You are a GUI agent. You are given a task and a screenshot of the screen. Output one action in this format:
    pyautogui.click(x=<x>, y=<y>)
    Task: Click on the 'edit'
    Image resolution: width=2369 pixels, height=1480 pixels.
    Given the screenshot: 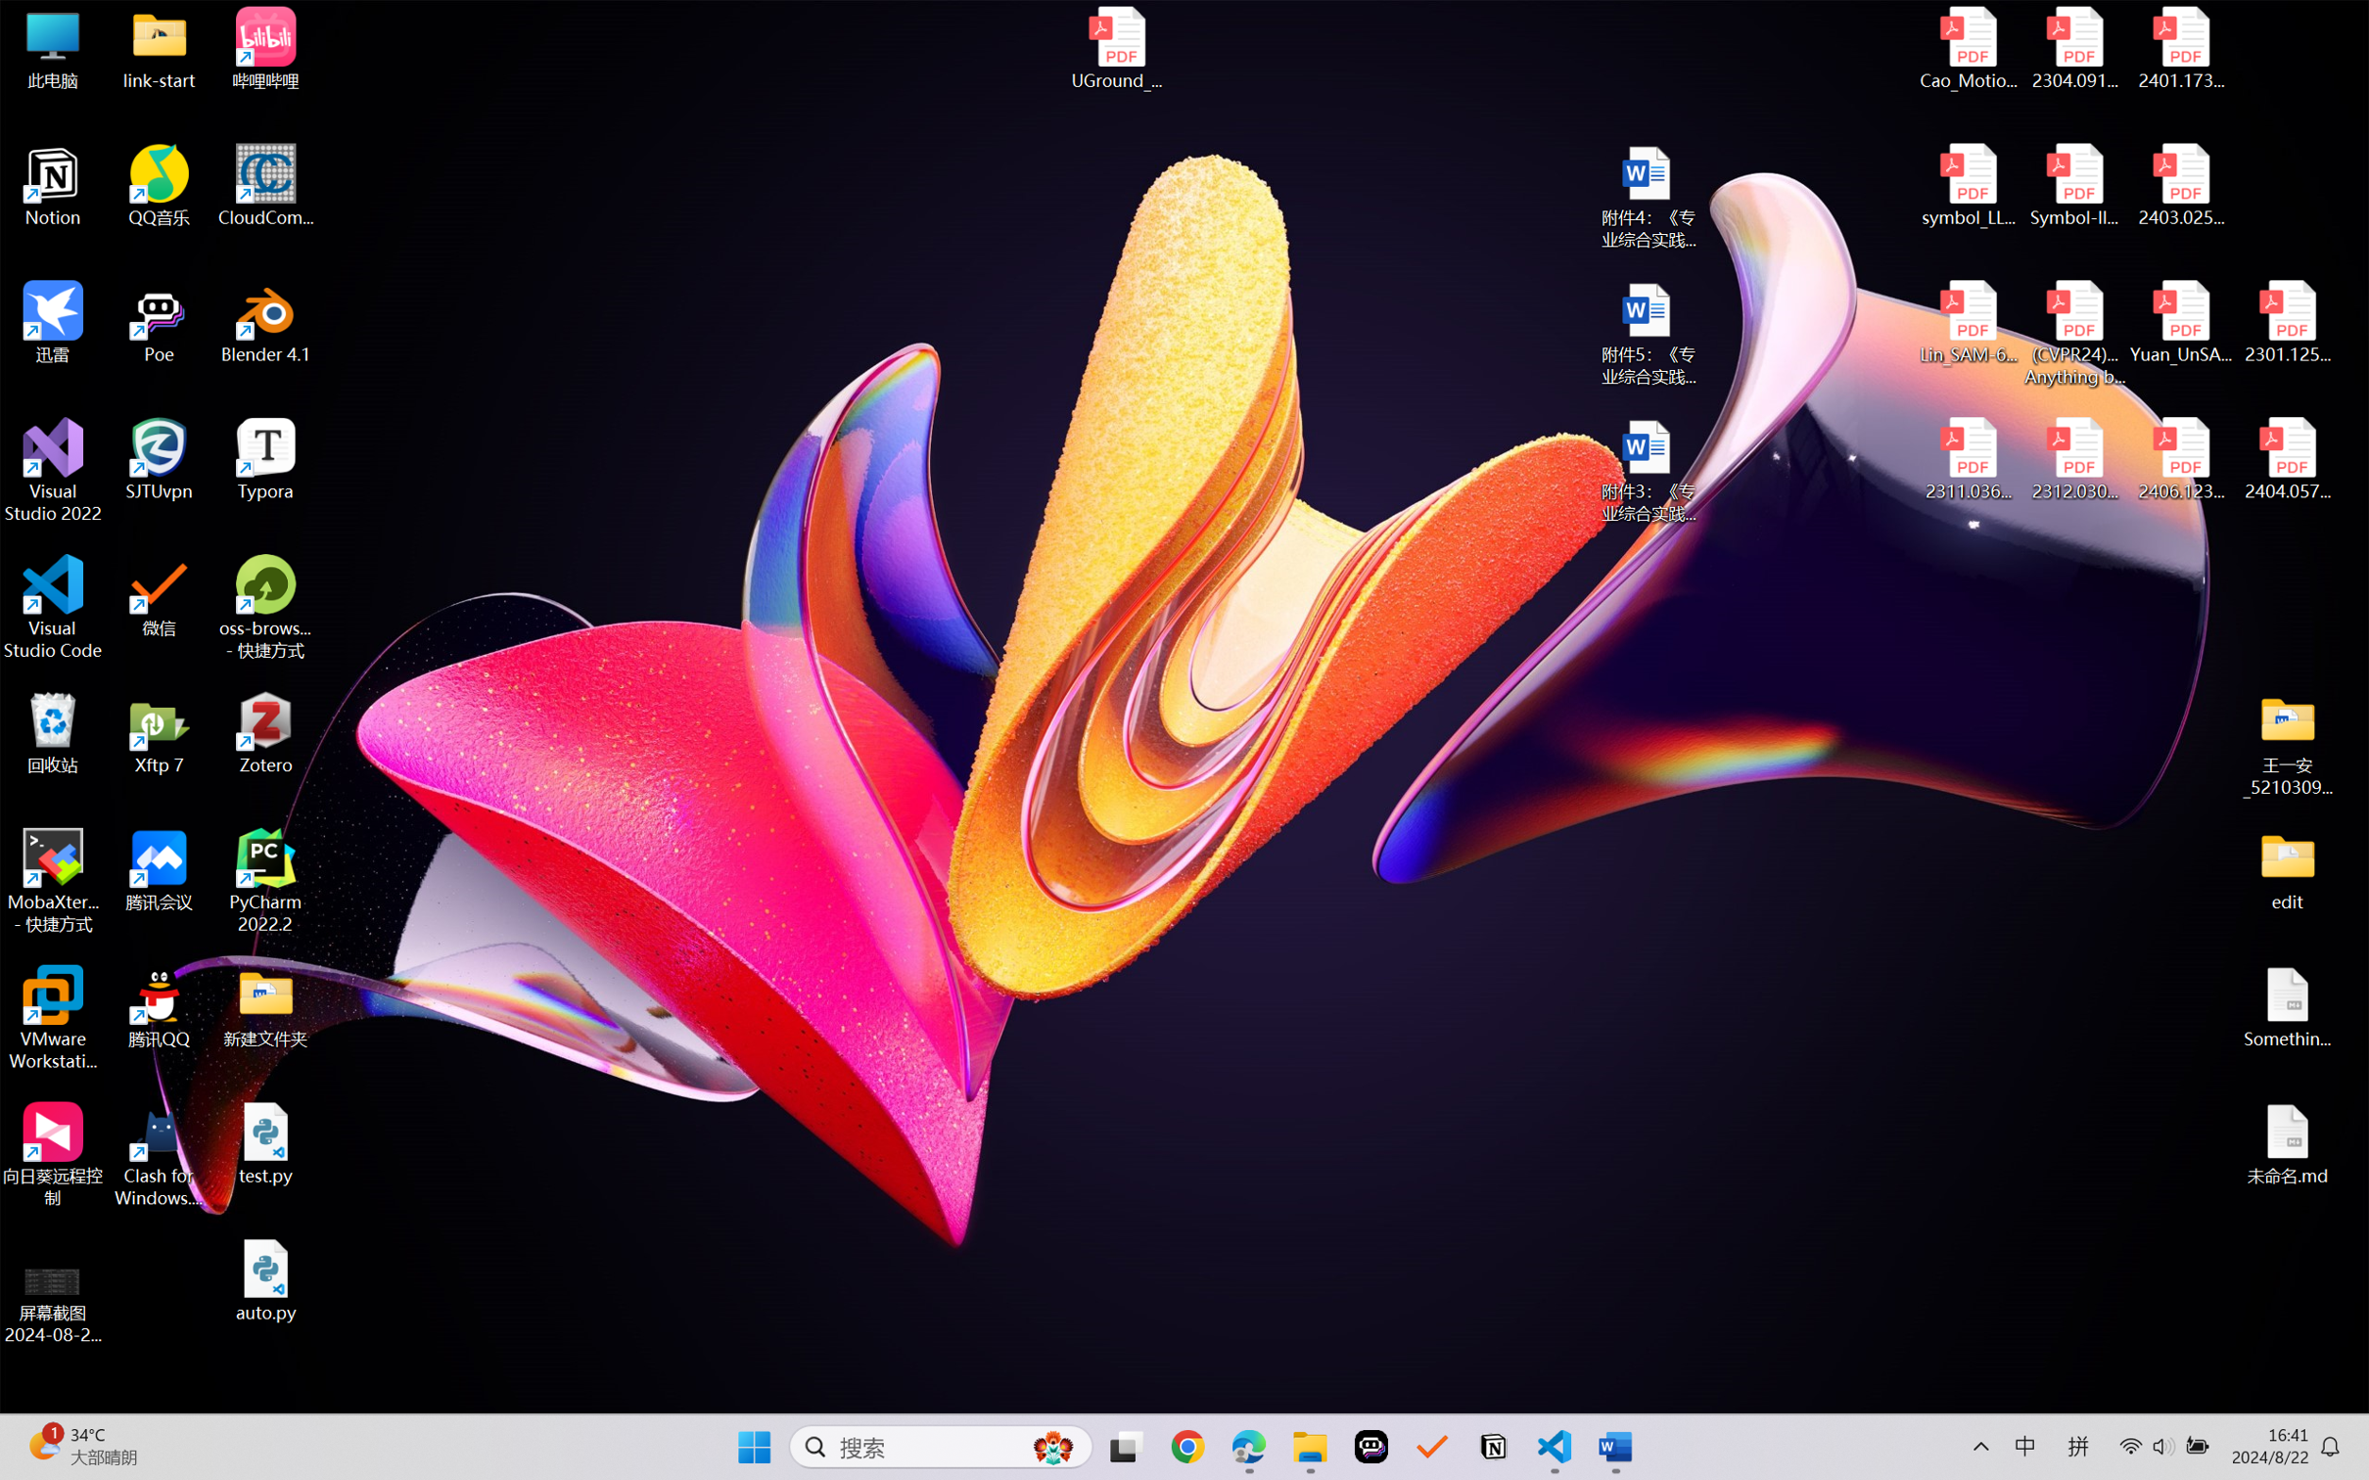 What is the action you would take?
    pyautogui.click(x=2286, y=868)
    